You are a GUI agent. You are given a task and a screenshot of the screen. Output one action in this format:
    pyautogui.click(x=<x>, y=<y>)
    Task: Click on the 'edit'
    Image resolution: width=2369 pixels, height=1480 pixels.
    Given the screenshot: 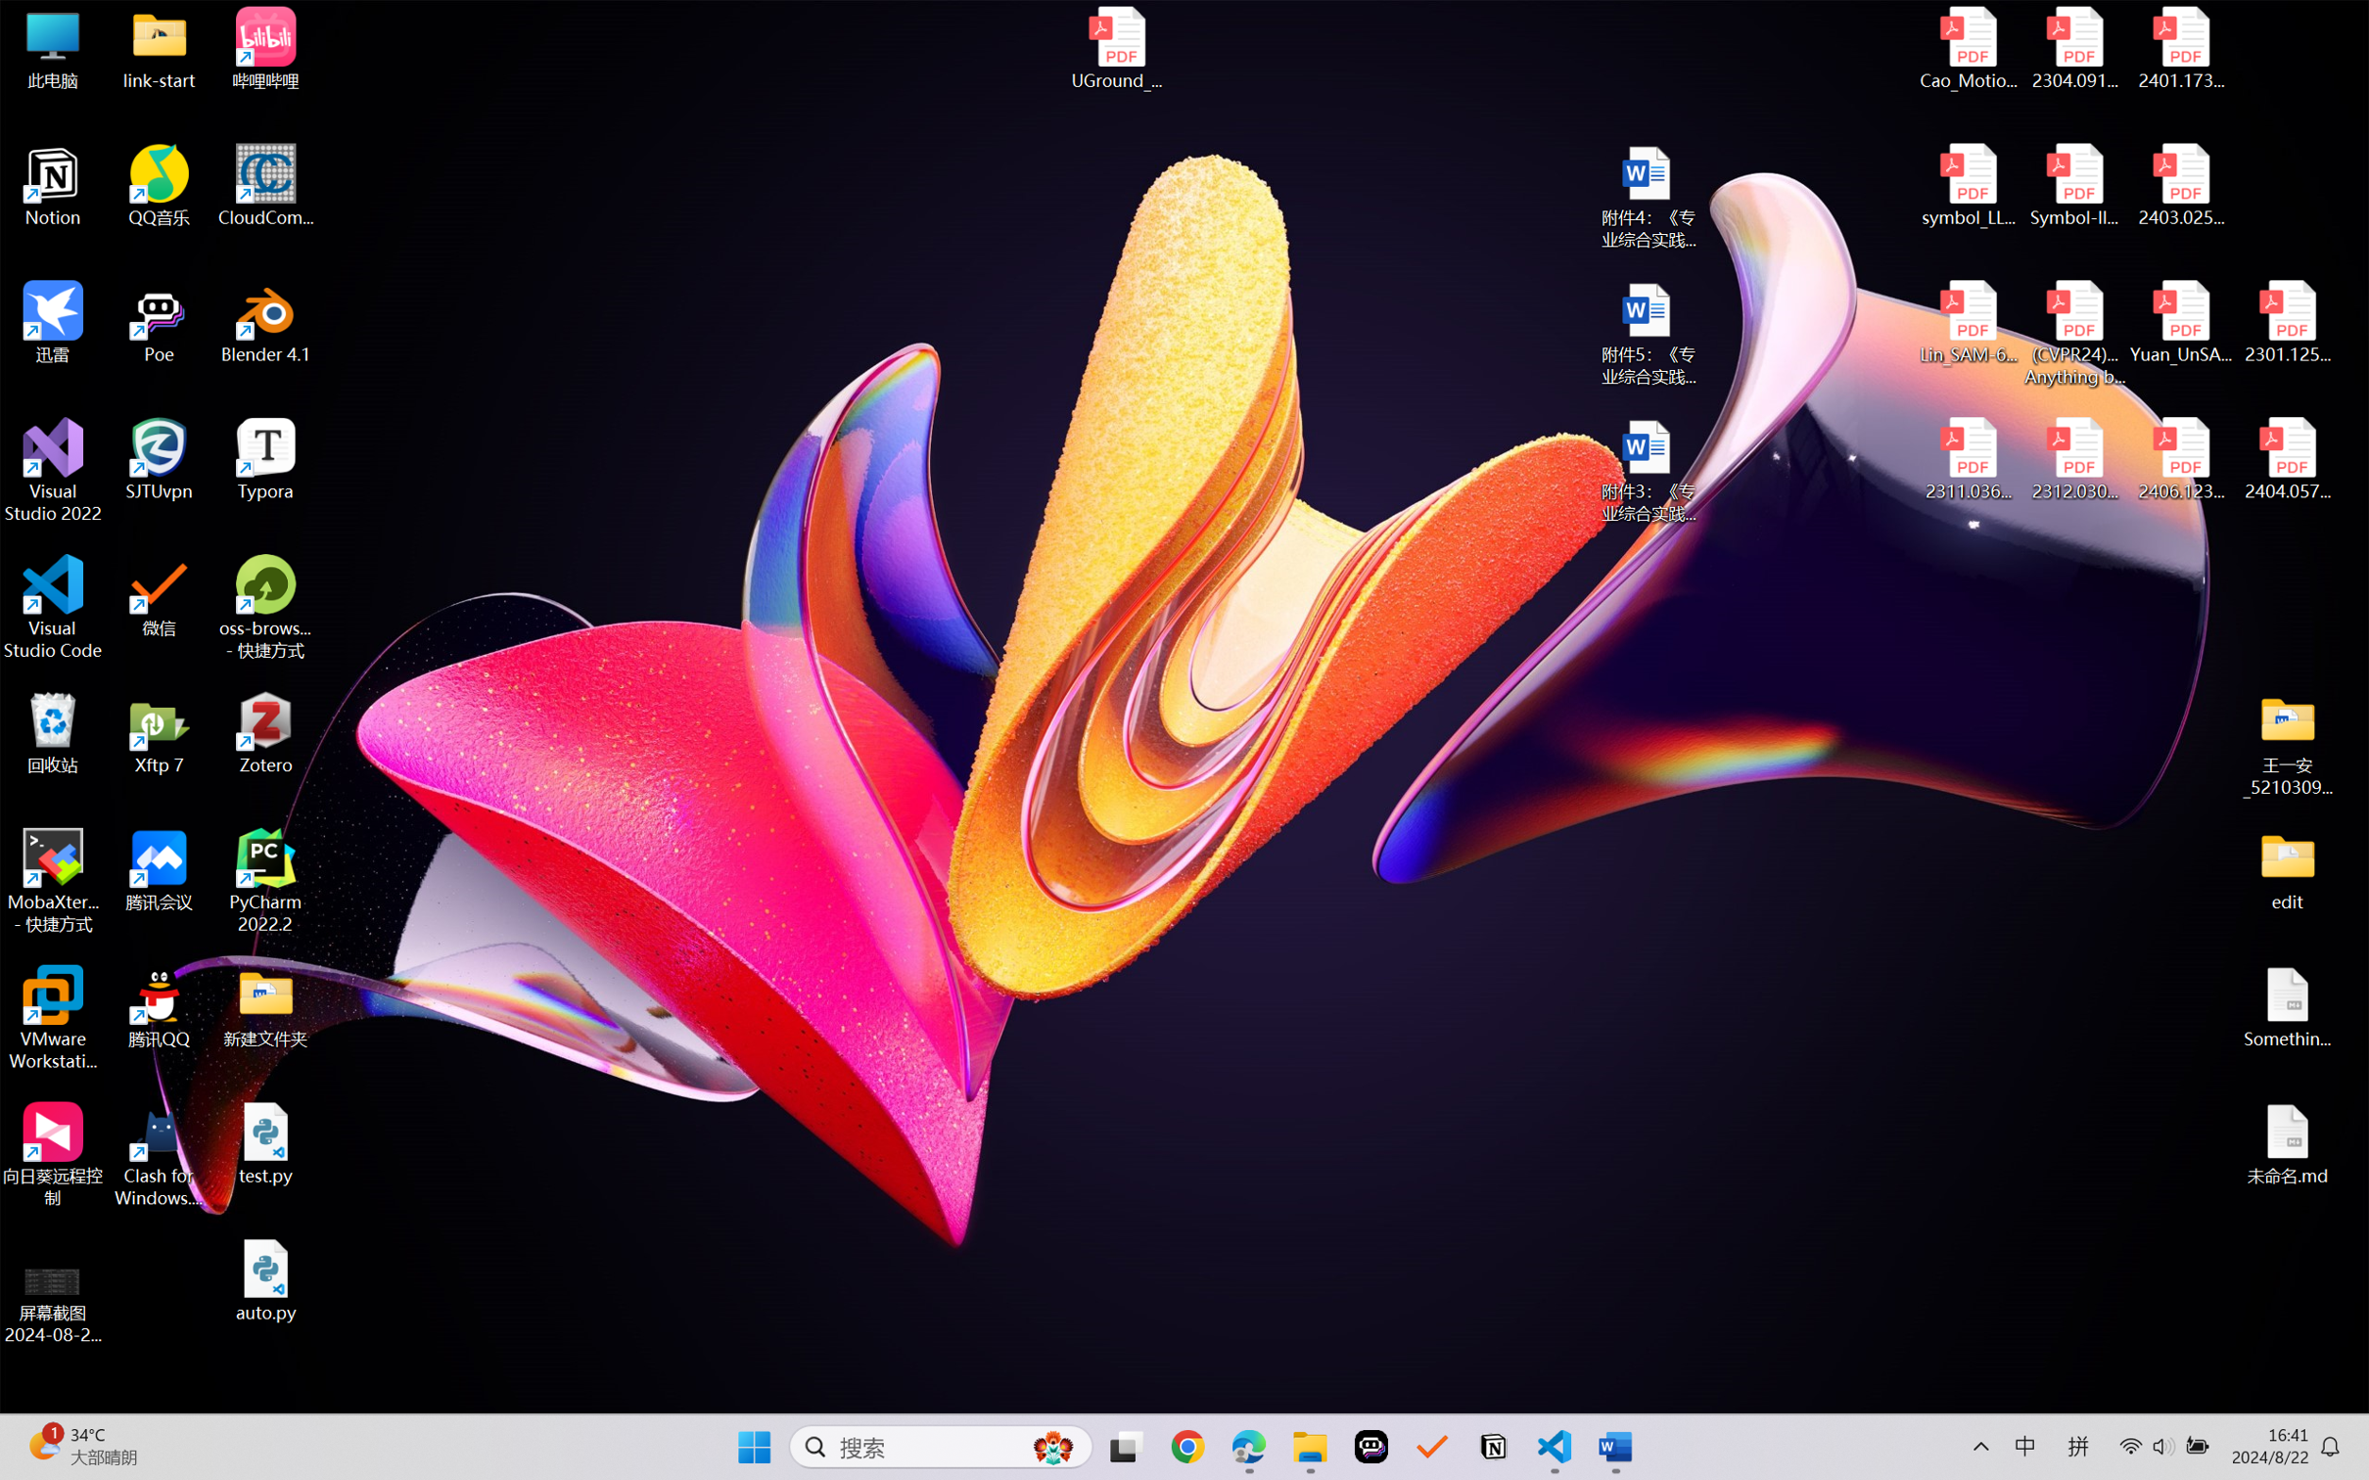 What is the action you would take?
    pyautogui.click(x=2286, y=868)
    